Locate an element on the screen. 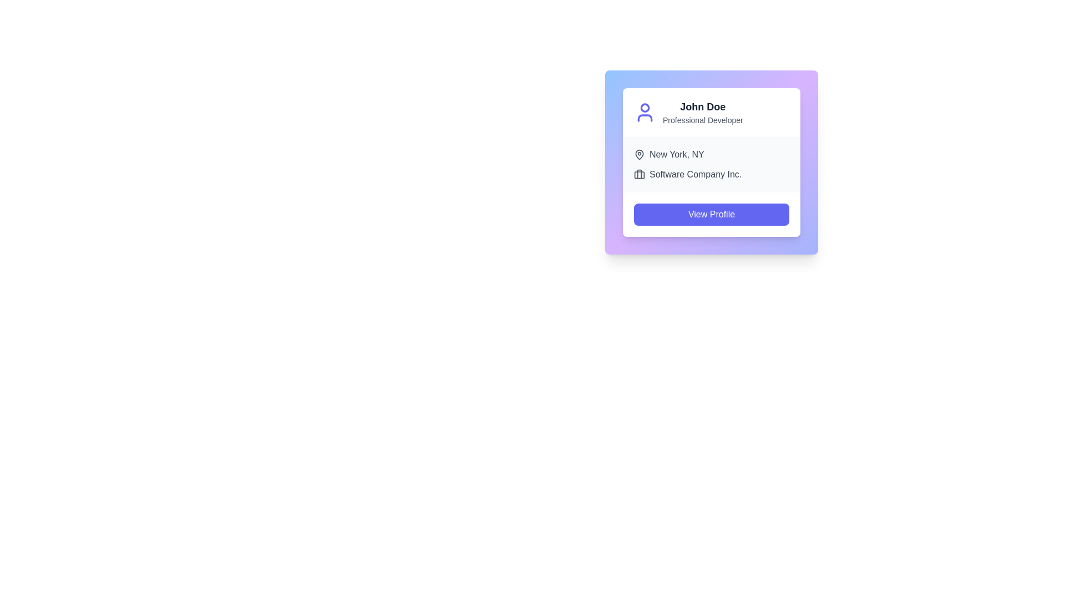 This screenshot has height=599, width=1065. the button located at the bottom center of the user profile card is located at coordinates (711, 214).